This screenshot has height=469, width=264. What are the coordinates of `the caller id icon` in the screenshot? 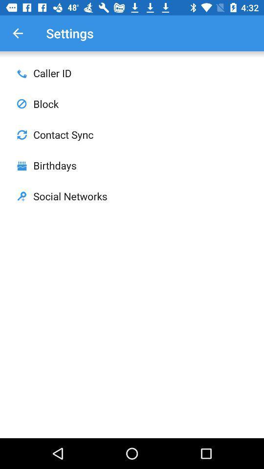 It's located at (22, 72).